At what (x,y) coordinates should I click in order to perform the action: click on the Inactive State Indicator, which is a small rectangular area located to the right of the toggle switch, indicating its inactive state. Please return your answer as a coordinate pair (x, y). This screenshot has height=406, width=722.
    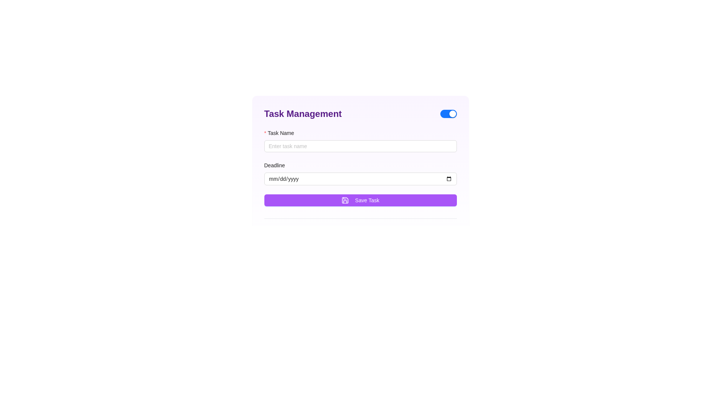
    Looking at the image, I should click on (459, 114).